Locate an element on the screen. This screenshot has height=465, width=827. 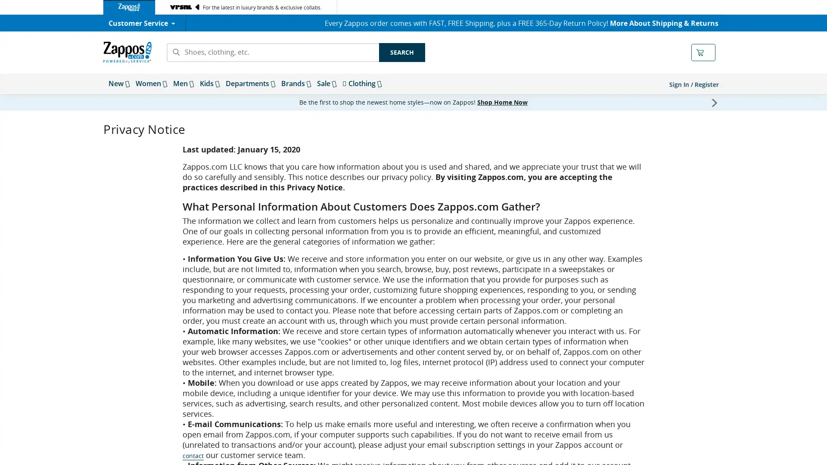
SEARCH is located at coordinates (401, 53).